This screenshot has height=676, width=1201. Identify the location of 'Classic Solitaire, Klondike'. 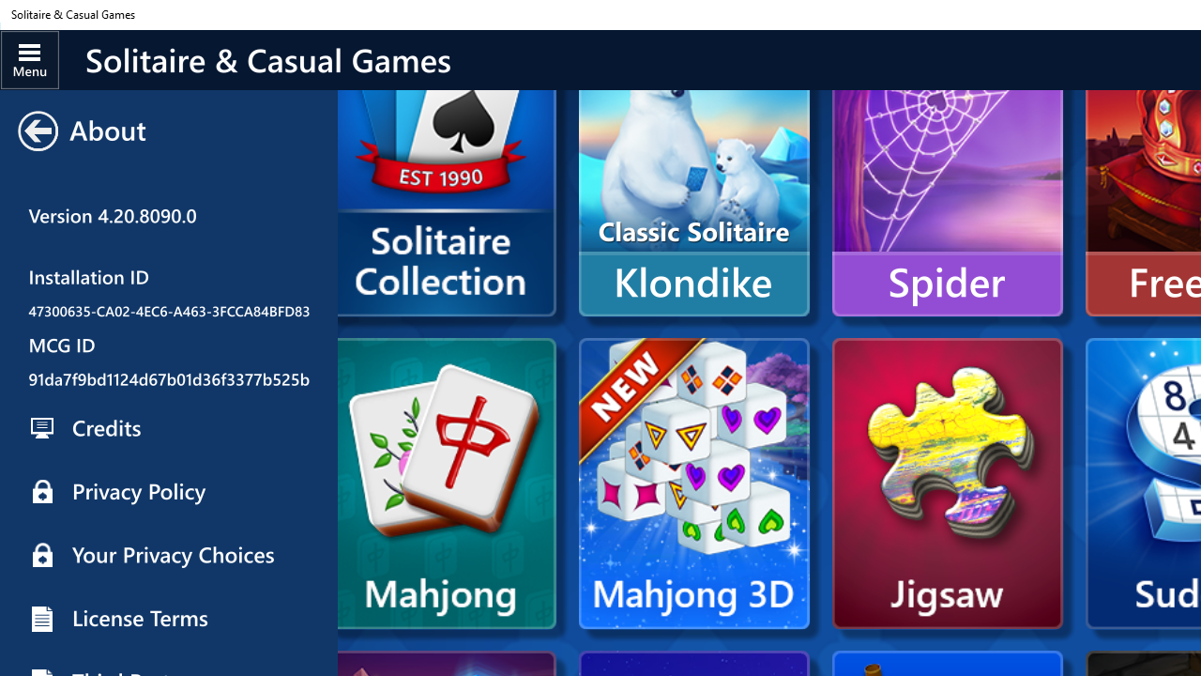
(692, 171).